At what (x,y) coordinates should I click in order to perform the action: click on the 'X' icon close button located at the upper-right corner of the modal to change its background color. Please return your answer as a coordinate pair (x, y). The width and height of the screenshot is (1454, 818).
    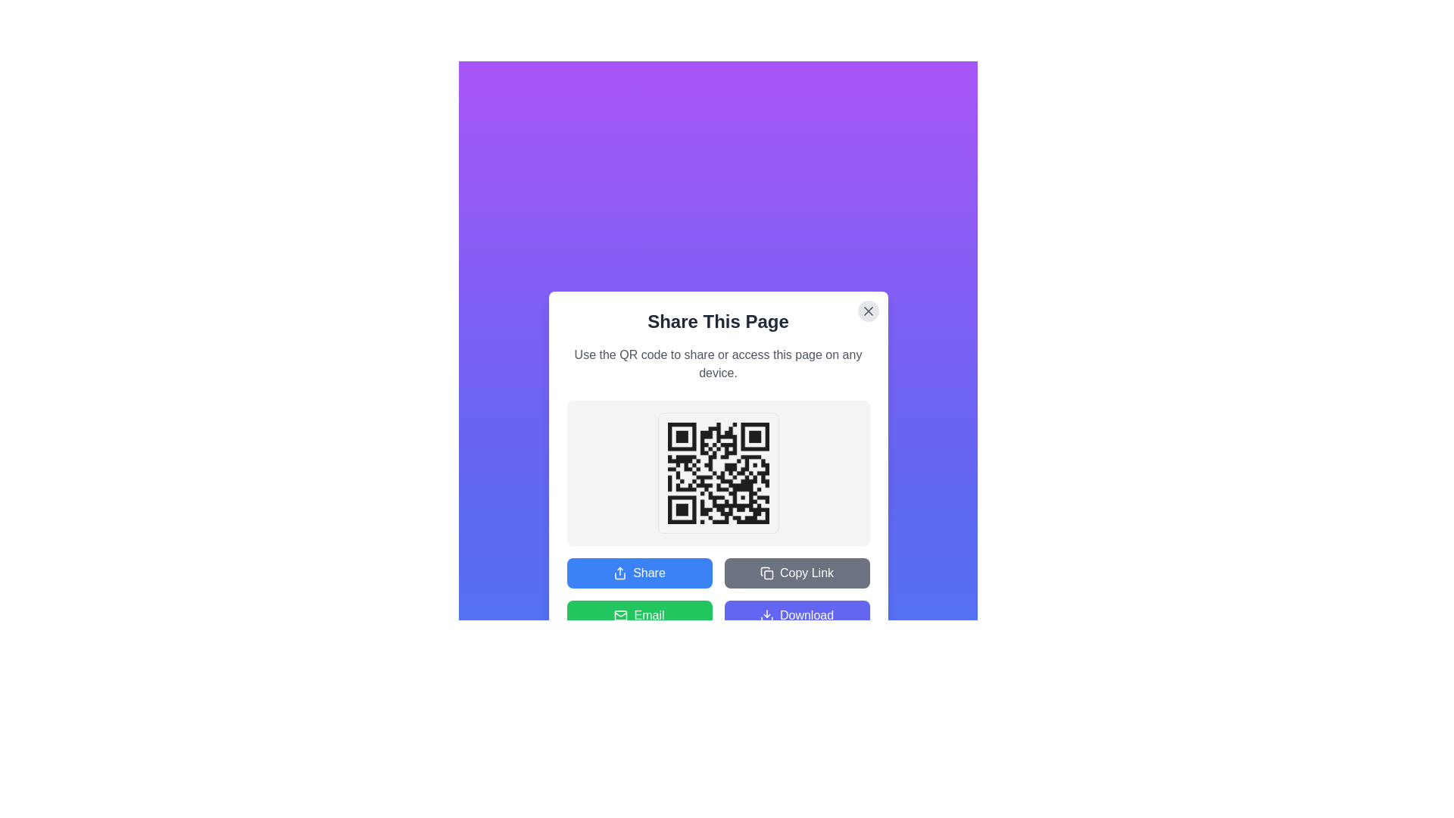
    Looking at the image, I should click on (868, 311).